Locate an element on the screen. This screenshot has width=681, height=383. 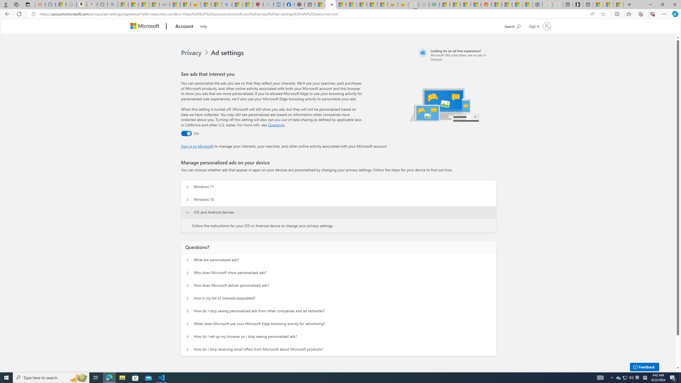
'Close tab' is located at coordinates (332, 4).